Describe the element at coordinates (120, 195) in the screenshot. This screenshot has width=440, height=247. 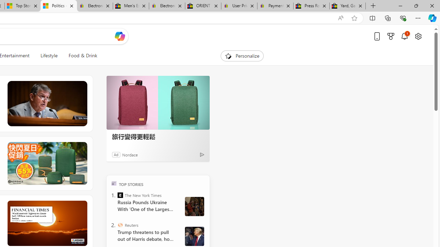
I see `'The New York Times'` at that location.